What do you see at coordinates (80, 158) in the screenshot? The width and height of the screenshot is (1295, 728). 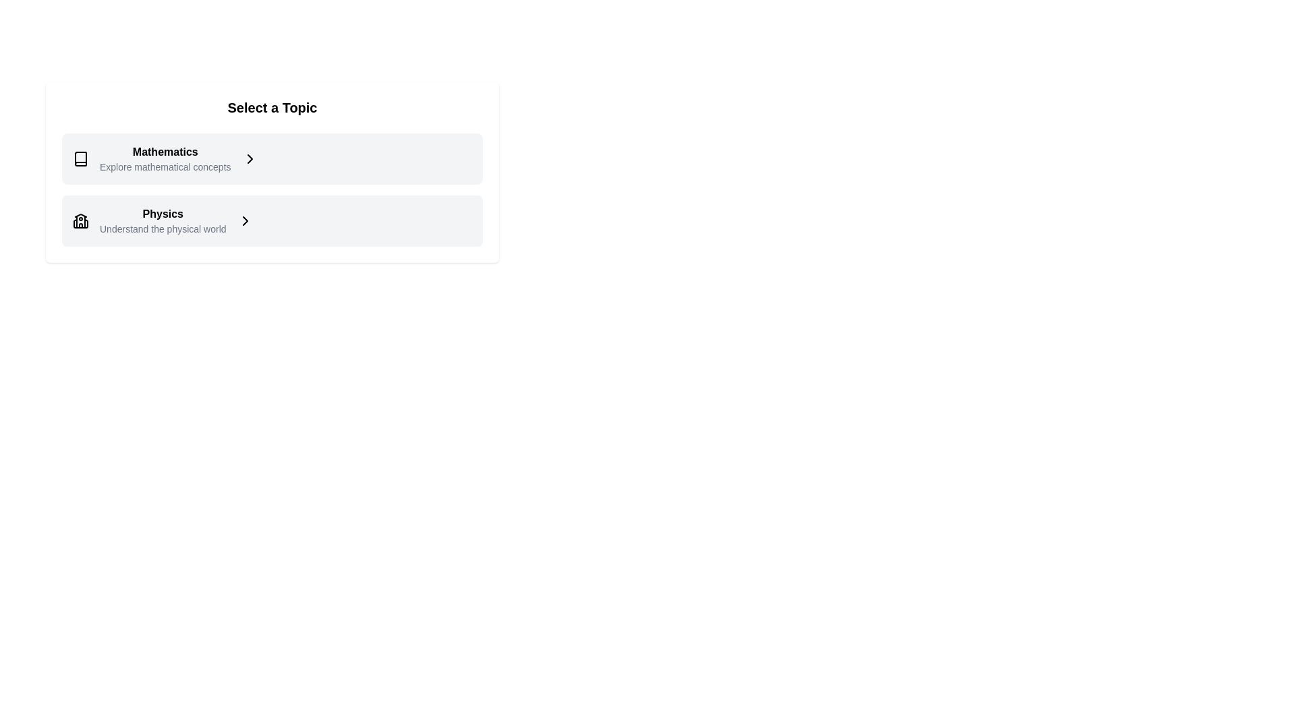 I see `the book icon SVG graphic located to the left of the 'Mathematics' text option in the list of topics` at bounding box center [80, 158].